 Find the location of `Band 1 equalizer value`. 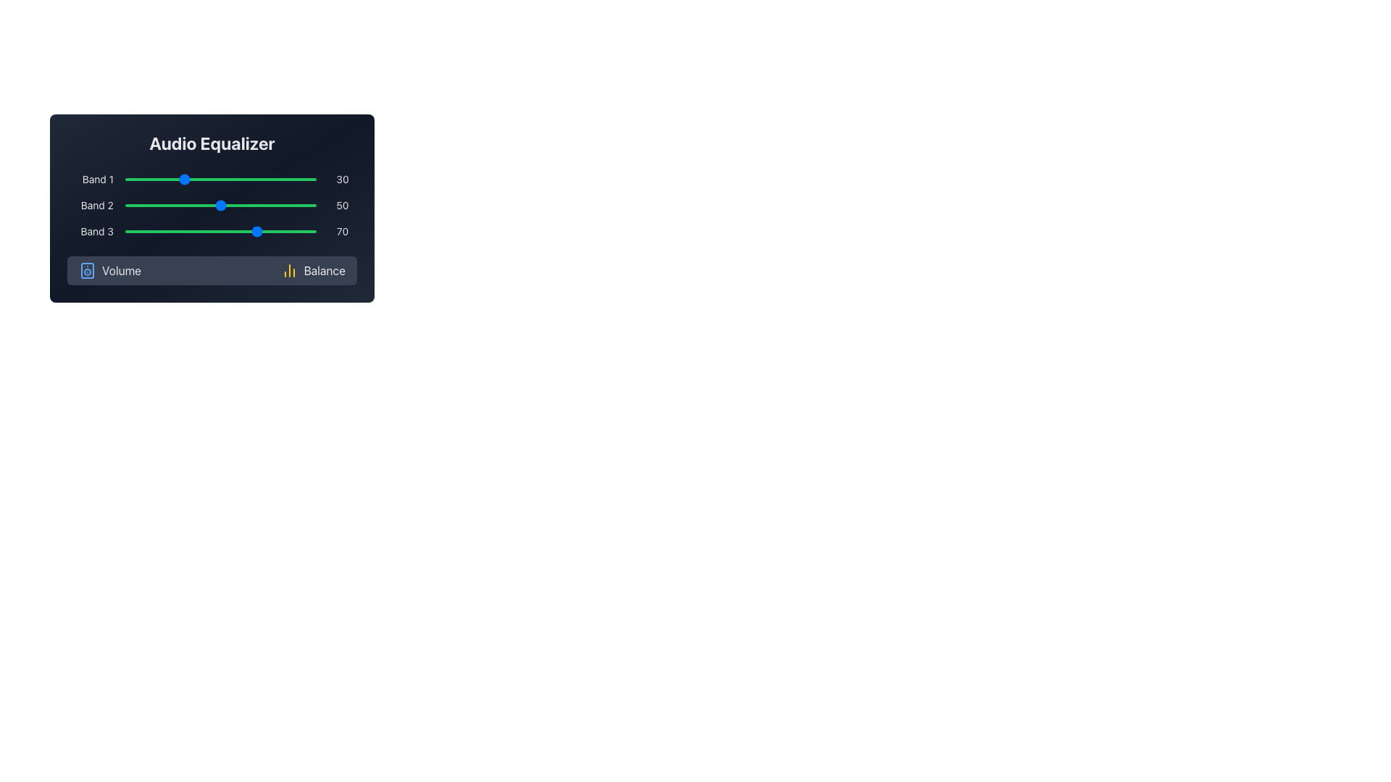

Band 1 equalizer value is located at coordinates (144, 178).